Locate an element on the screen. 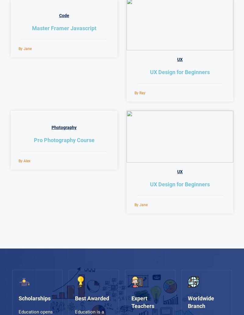  'By Alex' is located at coordinates (24, 160).